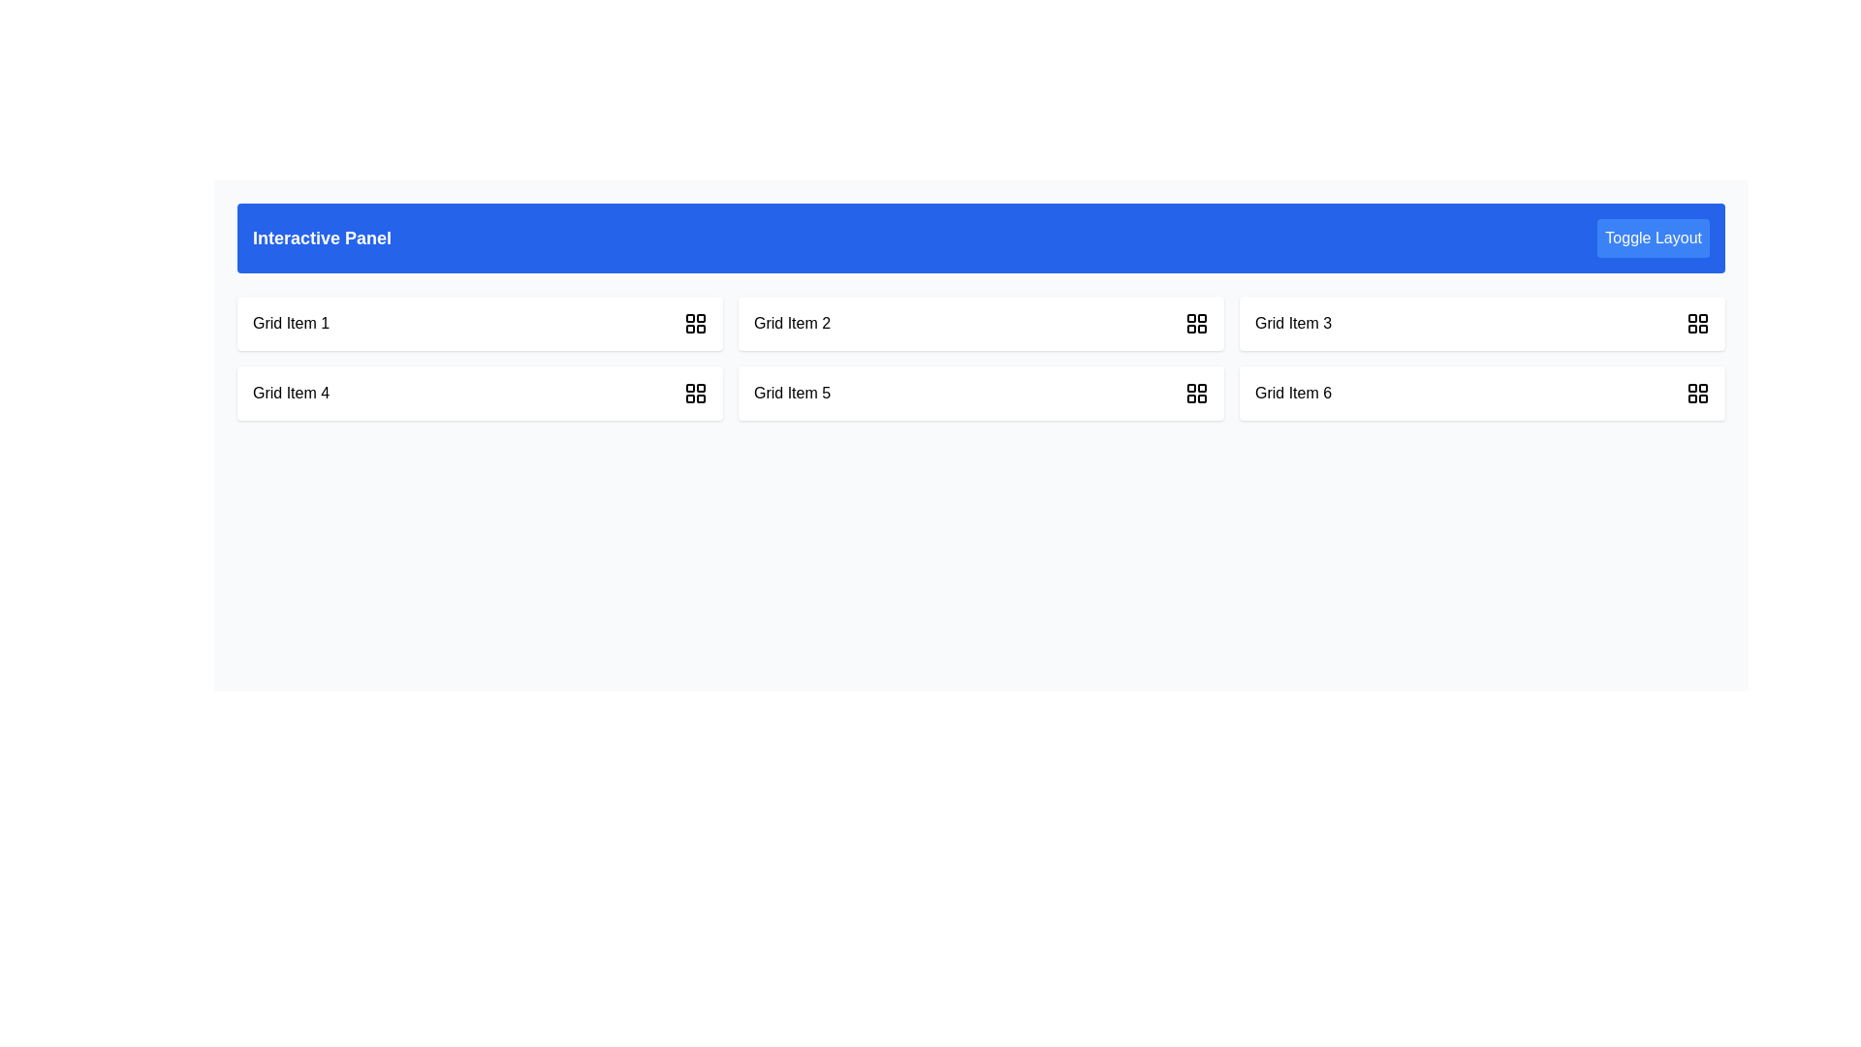 This screenshot has height=1047, width=1861. What do you see at coordinates (322, 238) in the screenshot?
I see `the Text Label that serves as the title or header for the panel, located on the left side within the blue background section at the top of the panel` at bounding box center [322, 238].